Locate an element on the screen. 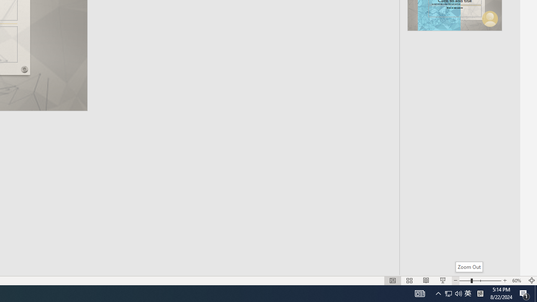 The width and height of the screenshot is (537, 302). 'Normal' is located at coordinates (392, 281).